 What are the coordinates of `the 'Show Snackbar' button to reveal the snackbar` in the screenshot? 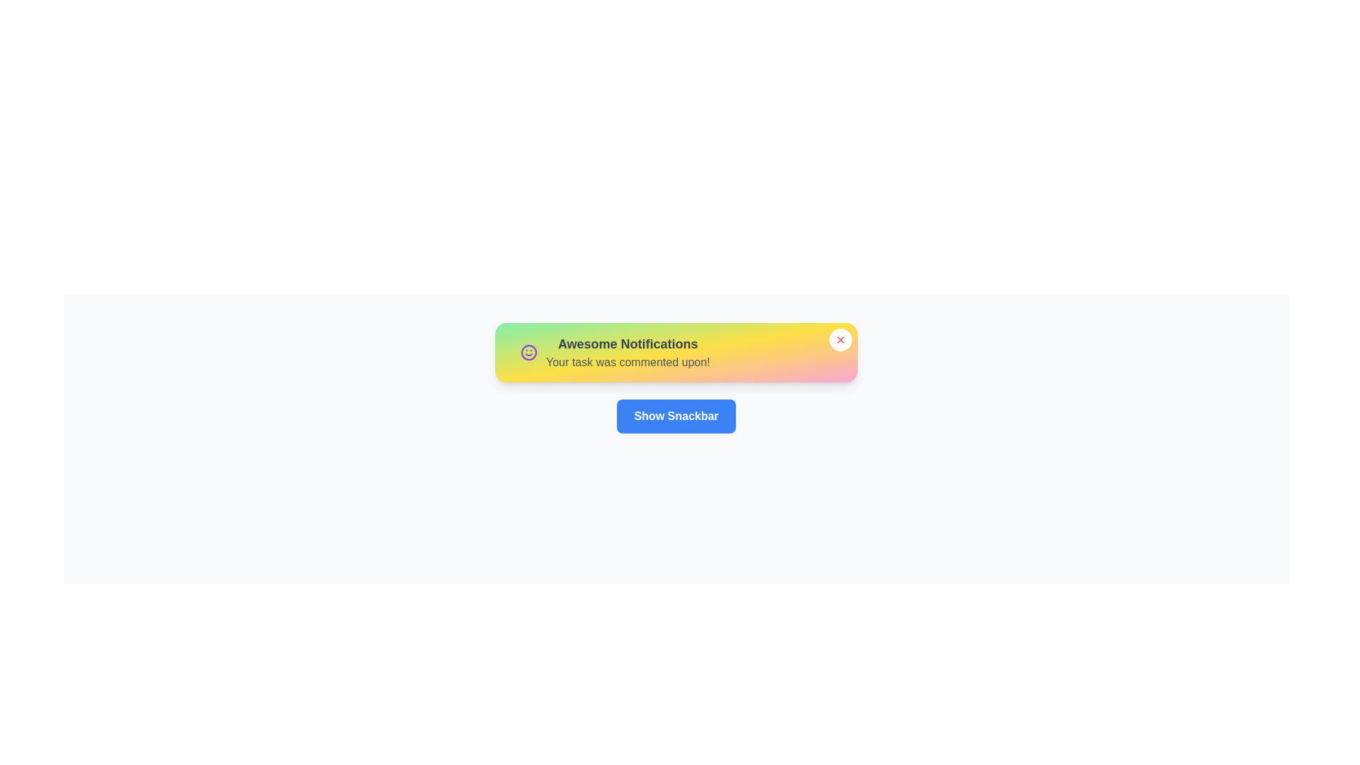 It's located at (676, 415).